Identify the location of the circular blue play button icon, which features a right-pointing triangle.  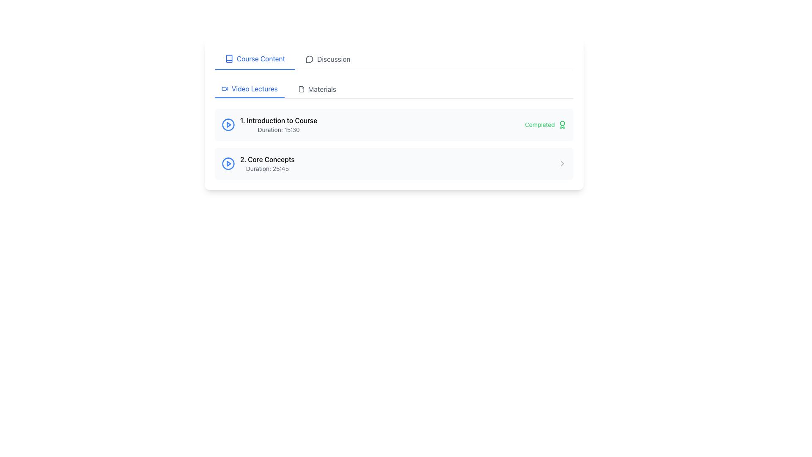
(228, 124).